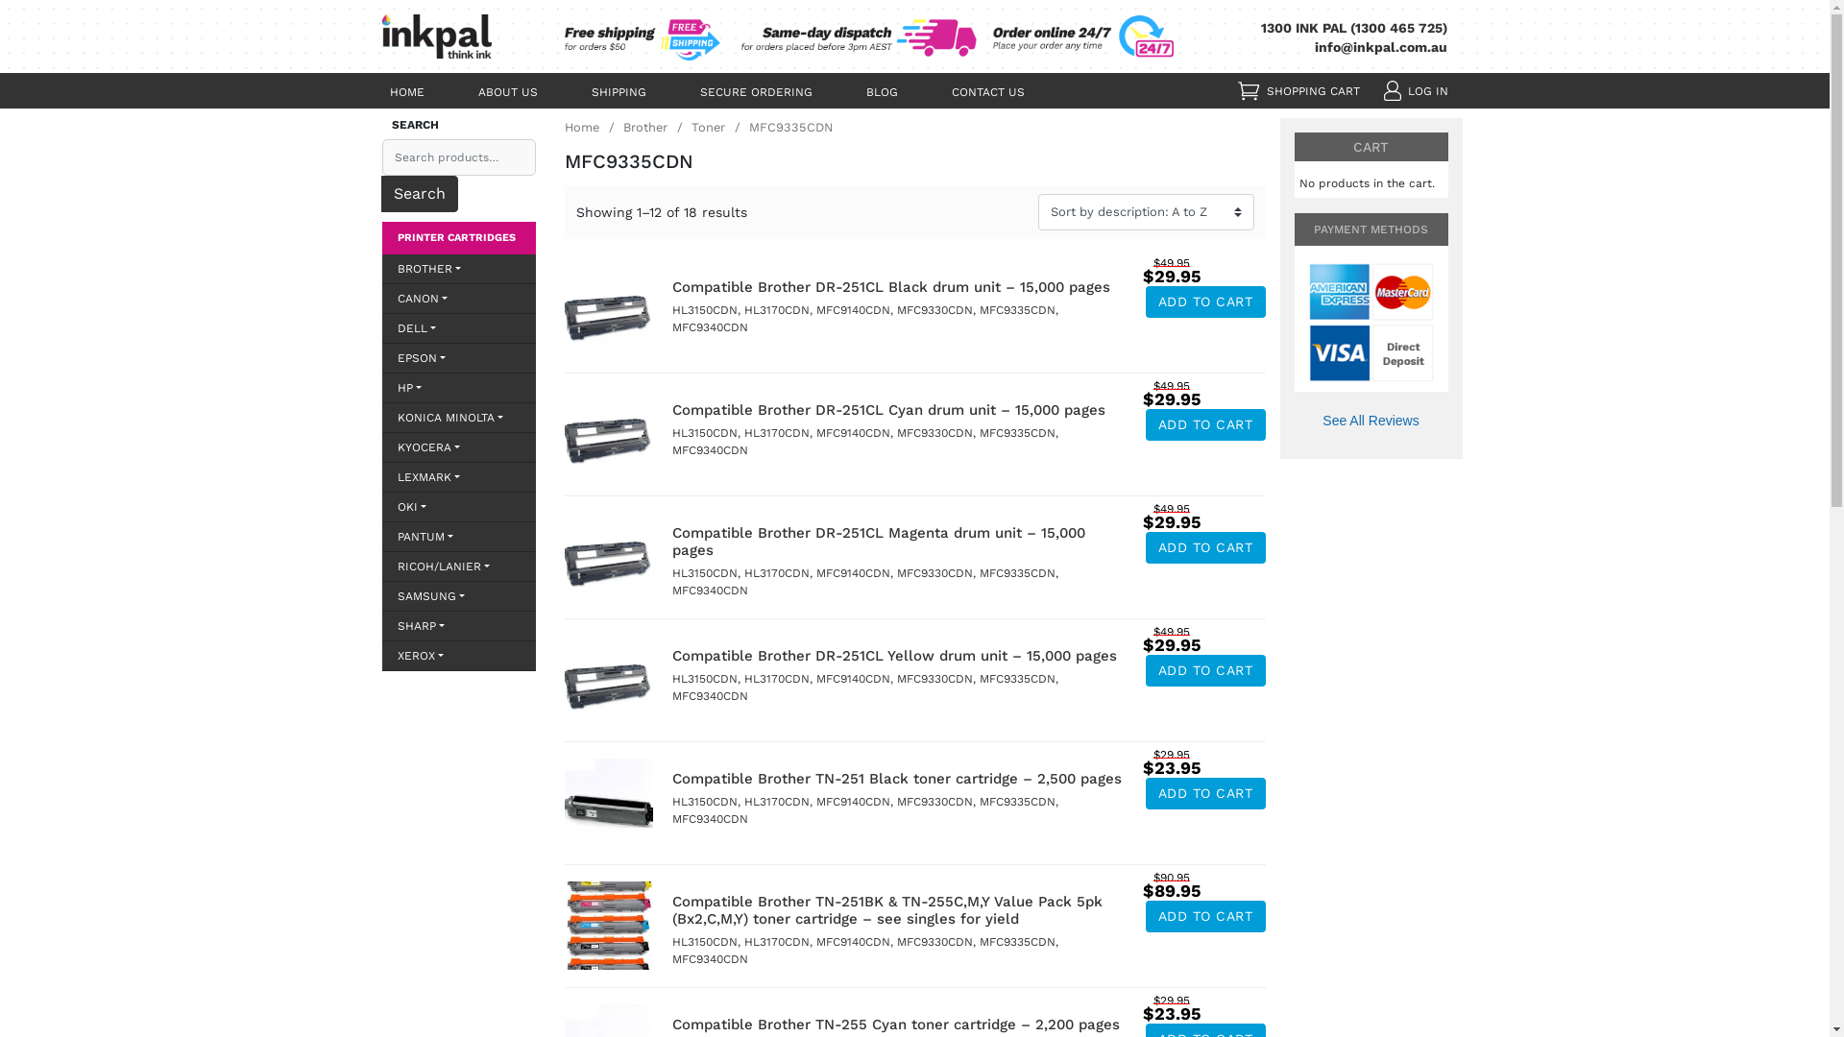 The image size is (1844, 1037). I want to click on '1300 INK PAL (1300 465 725)', so click(1261, 28).